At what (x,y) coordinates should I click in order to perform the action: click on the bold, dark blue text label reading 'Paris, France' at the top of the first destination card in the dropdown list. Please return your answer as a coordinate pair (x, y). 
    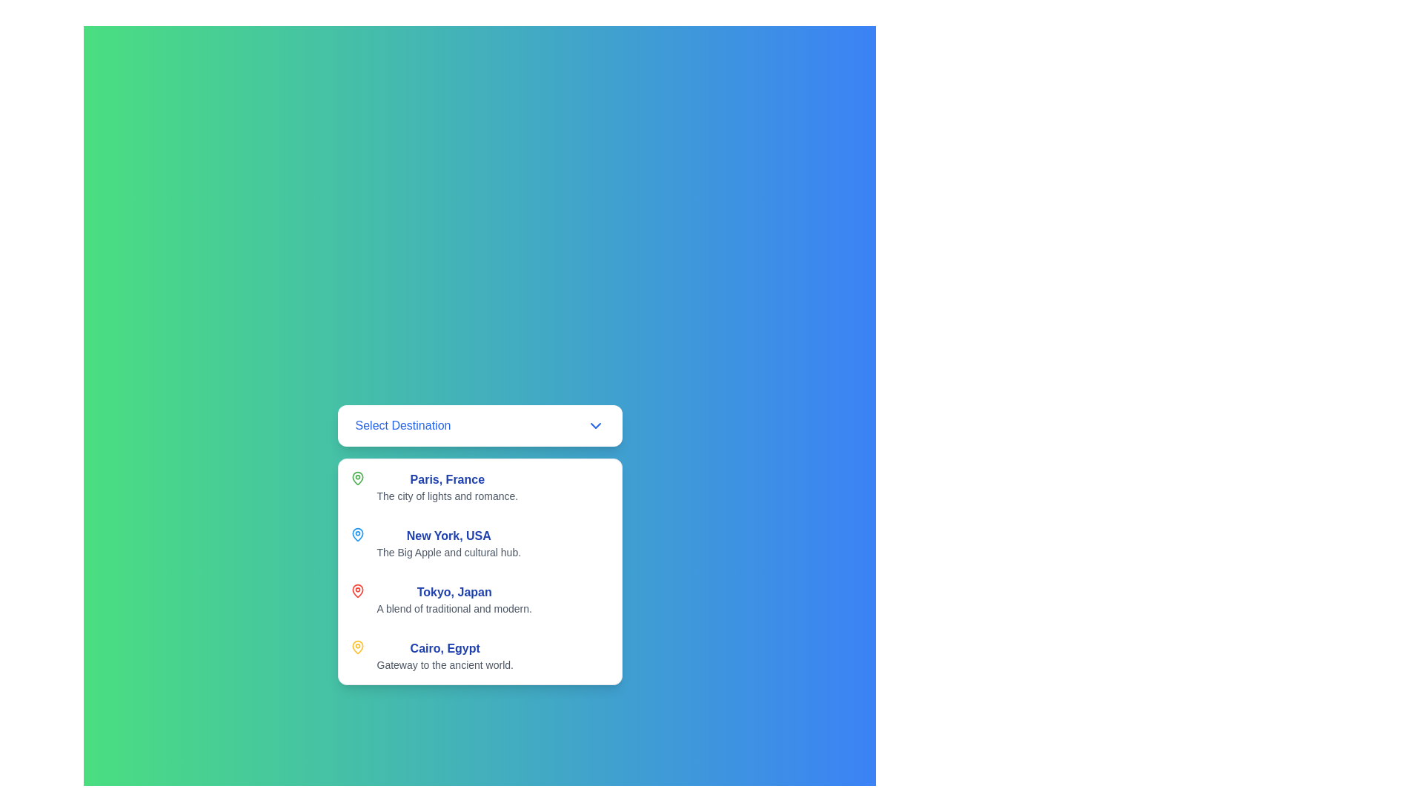
    Looking at the image, I should click on (446, 480).